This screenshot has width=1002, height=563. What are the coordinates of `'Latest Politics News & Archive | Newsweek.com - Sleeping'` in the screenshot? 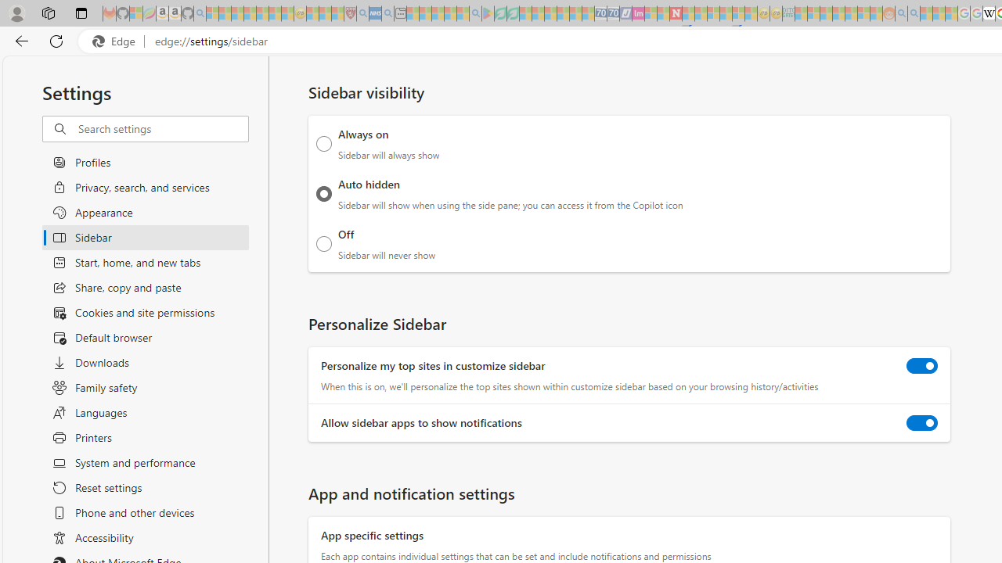 It's located at (676, 13).